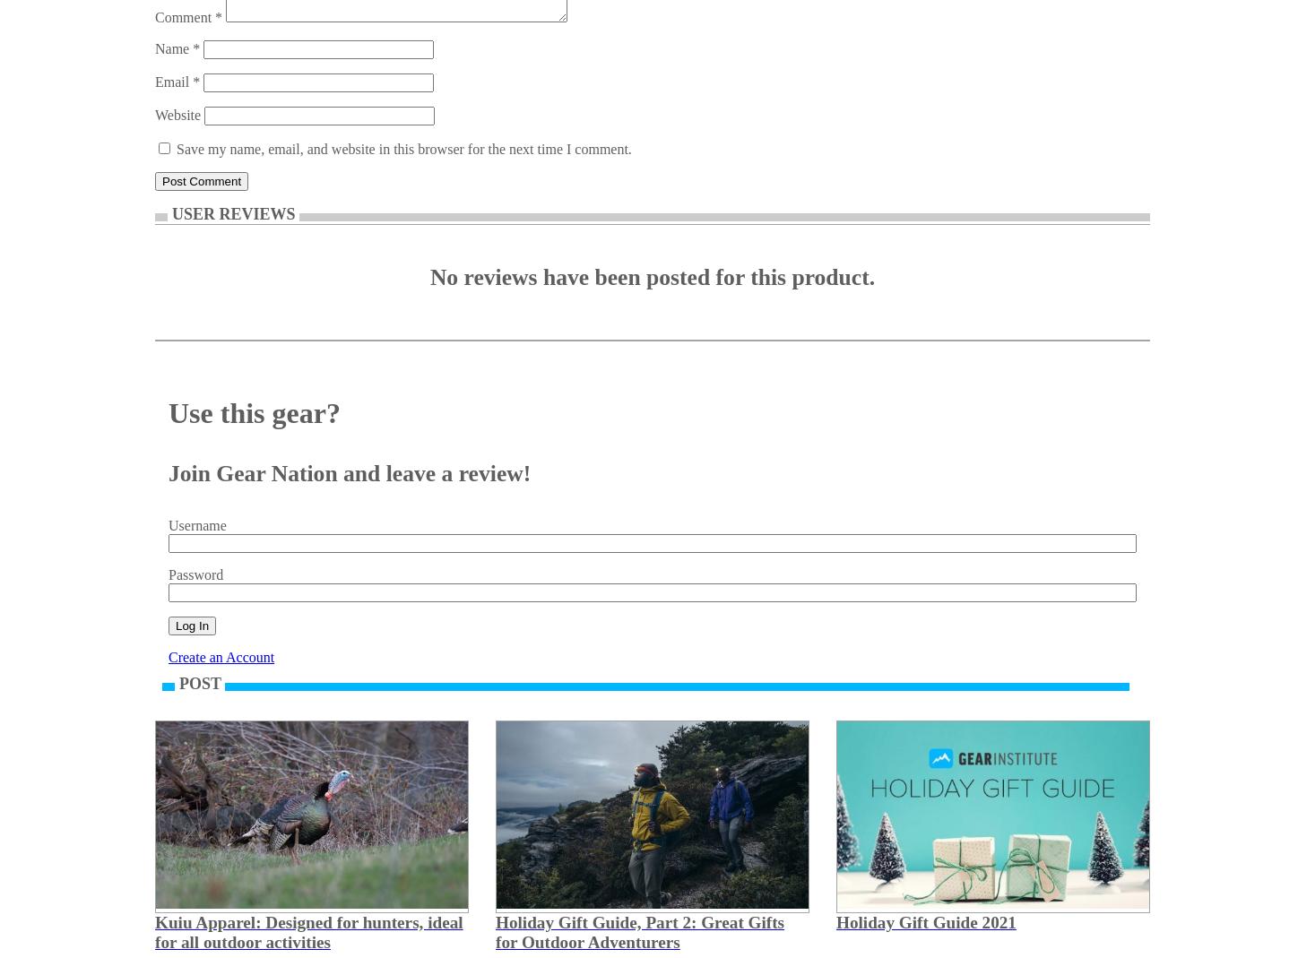 The height and width of the screenshot is (958, 1298). What do you see at coordinates (195, 574) in the screenshot?
I see `'Password'` at bounding box center [195, 574].